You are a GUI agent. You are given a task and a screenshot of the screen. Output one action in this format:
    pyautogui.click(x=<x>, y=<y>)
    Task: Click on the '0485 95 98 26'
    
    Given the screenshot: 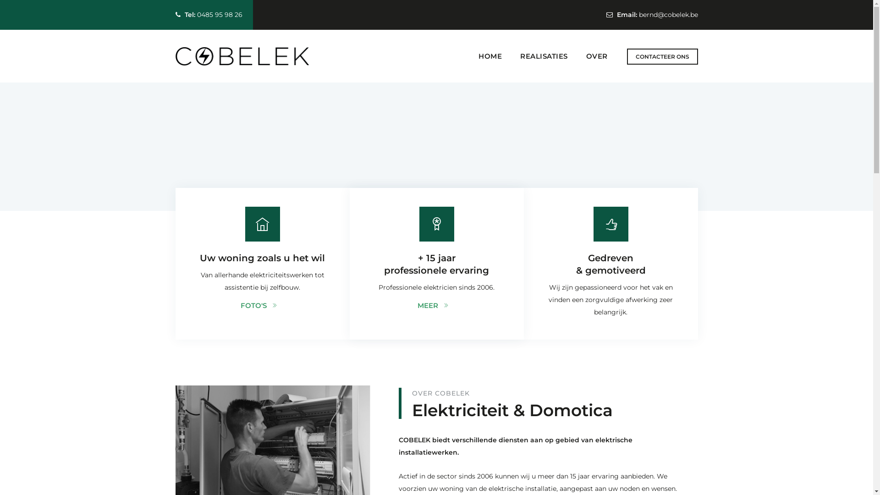 What is the action you would take?
    pyautogui.click(x=219, y=14)
    